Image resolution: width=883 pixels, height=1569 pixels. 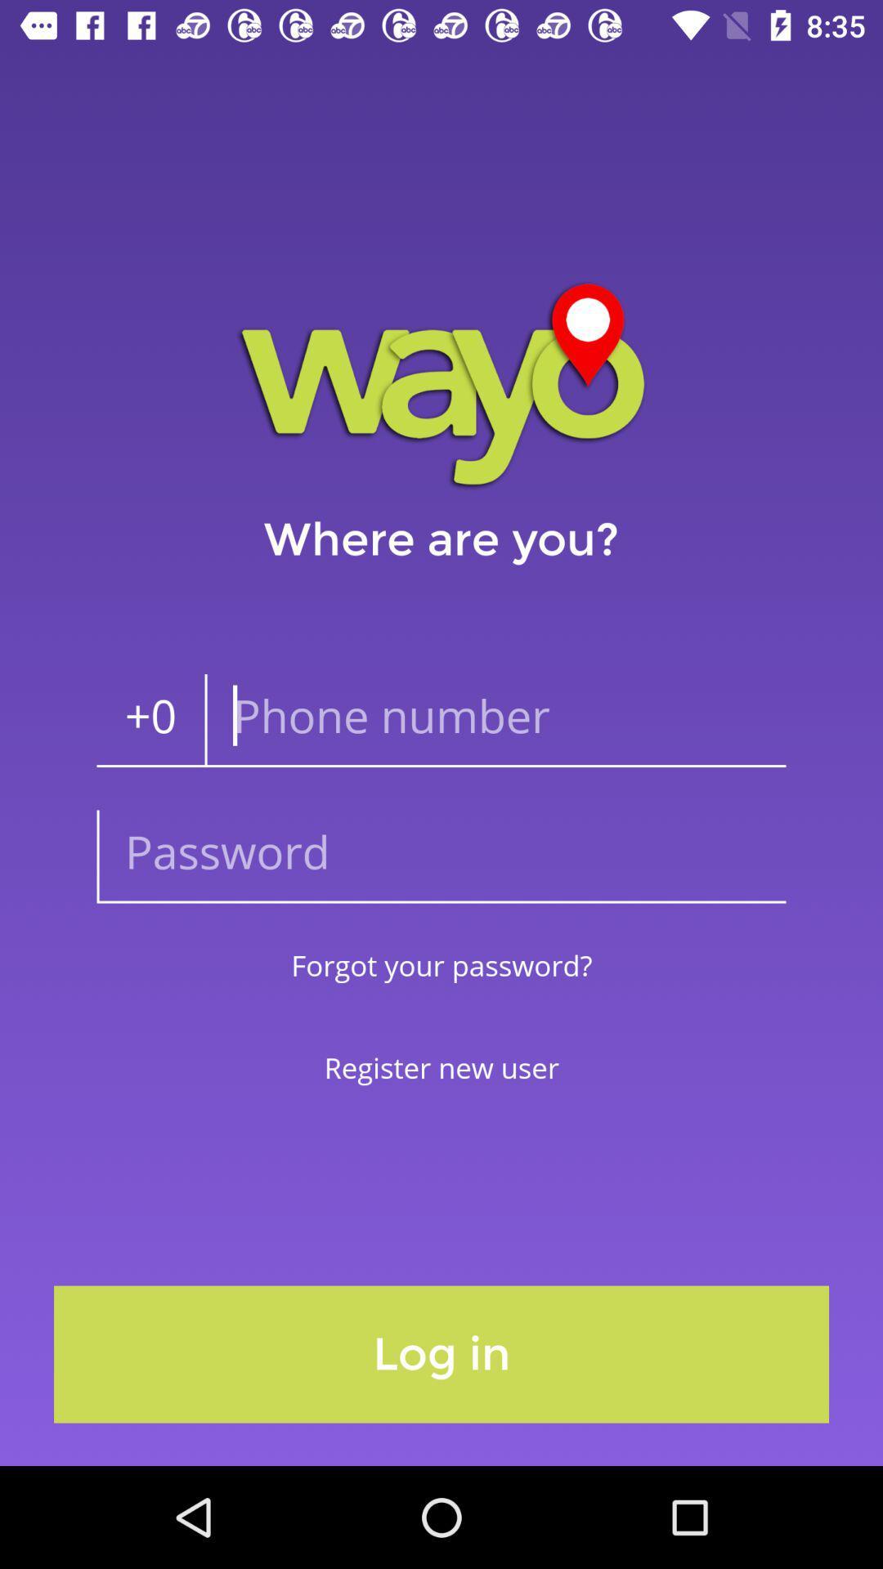 What do you see at coordinates (441, 965) in the screenshot?
I see `forgot your password?` at bounding box center [441, 965].